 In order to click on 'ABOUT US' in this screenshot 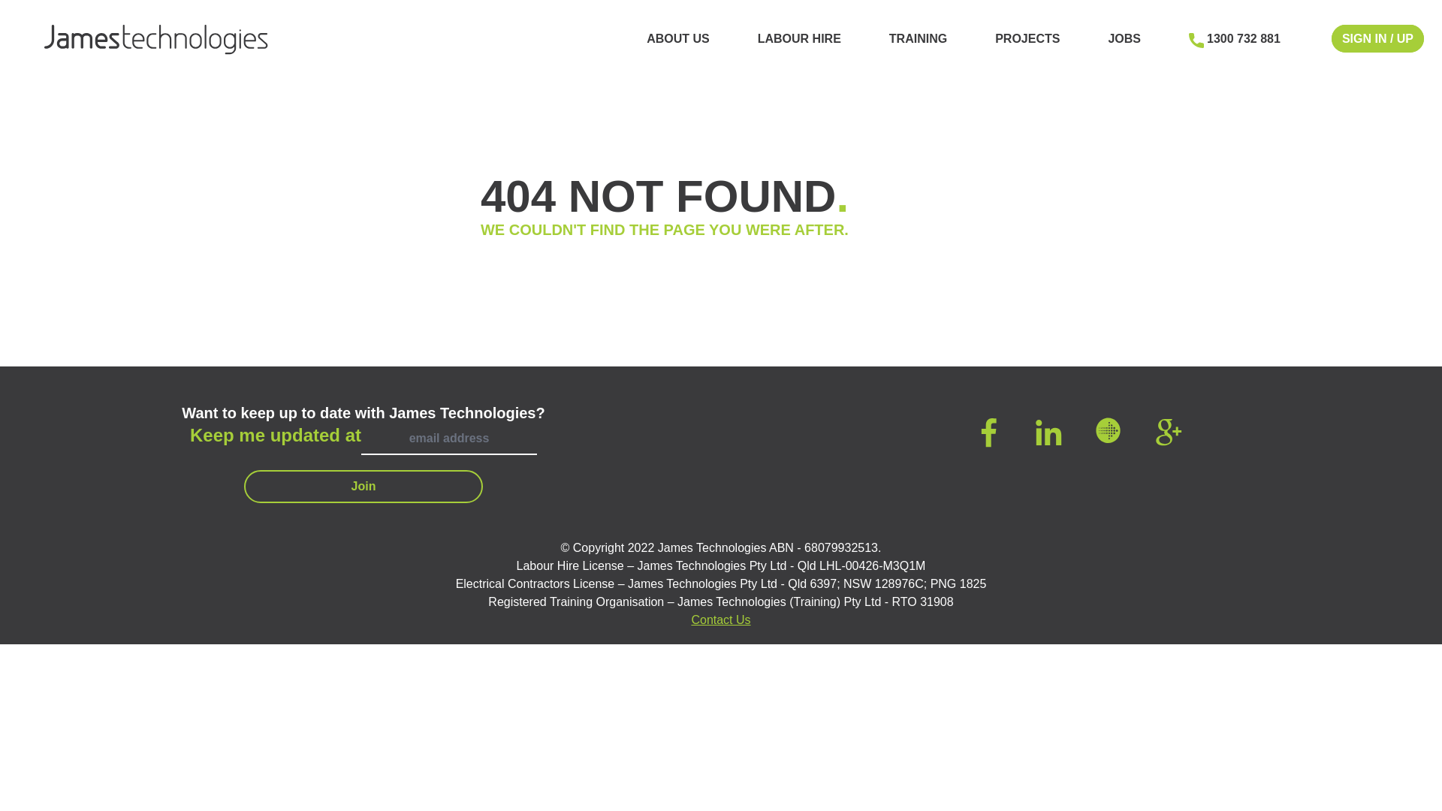, I will do `click(677, 38)`.